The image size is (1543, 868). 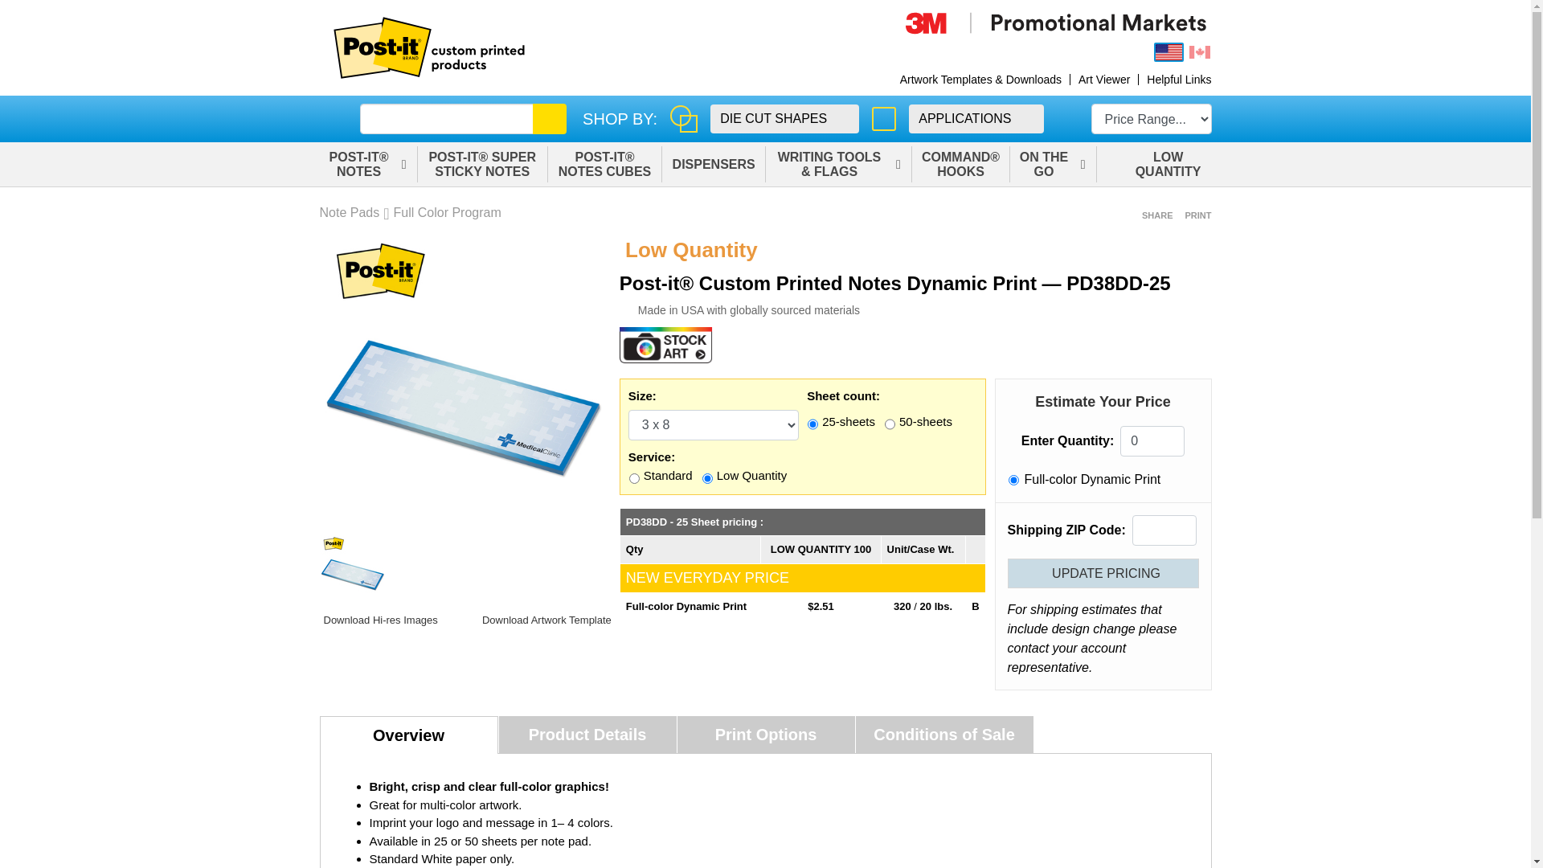 What do you see at coordinates (408, 735) in the screenshot?
I see `'Overview'` at bounding box center [408, 735].